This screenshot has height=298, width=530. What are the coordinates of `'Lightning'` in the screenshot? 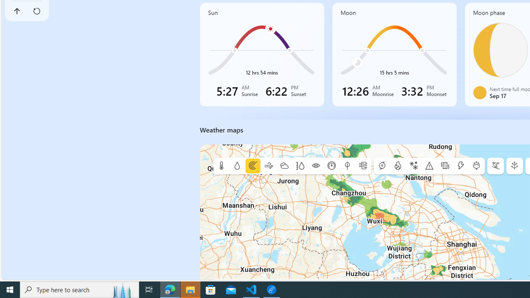 It's located at (460, 166).